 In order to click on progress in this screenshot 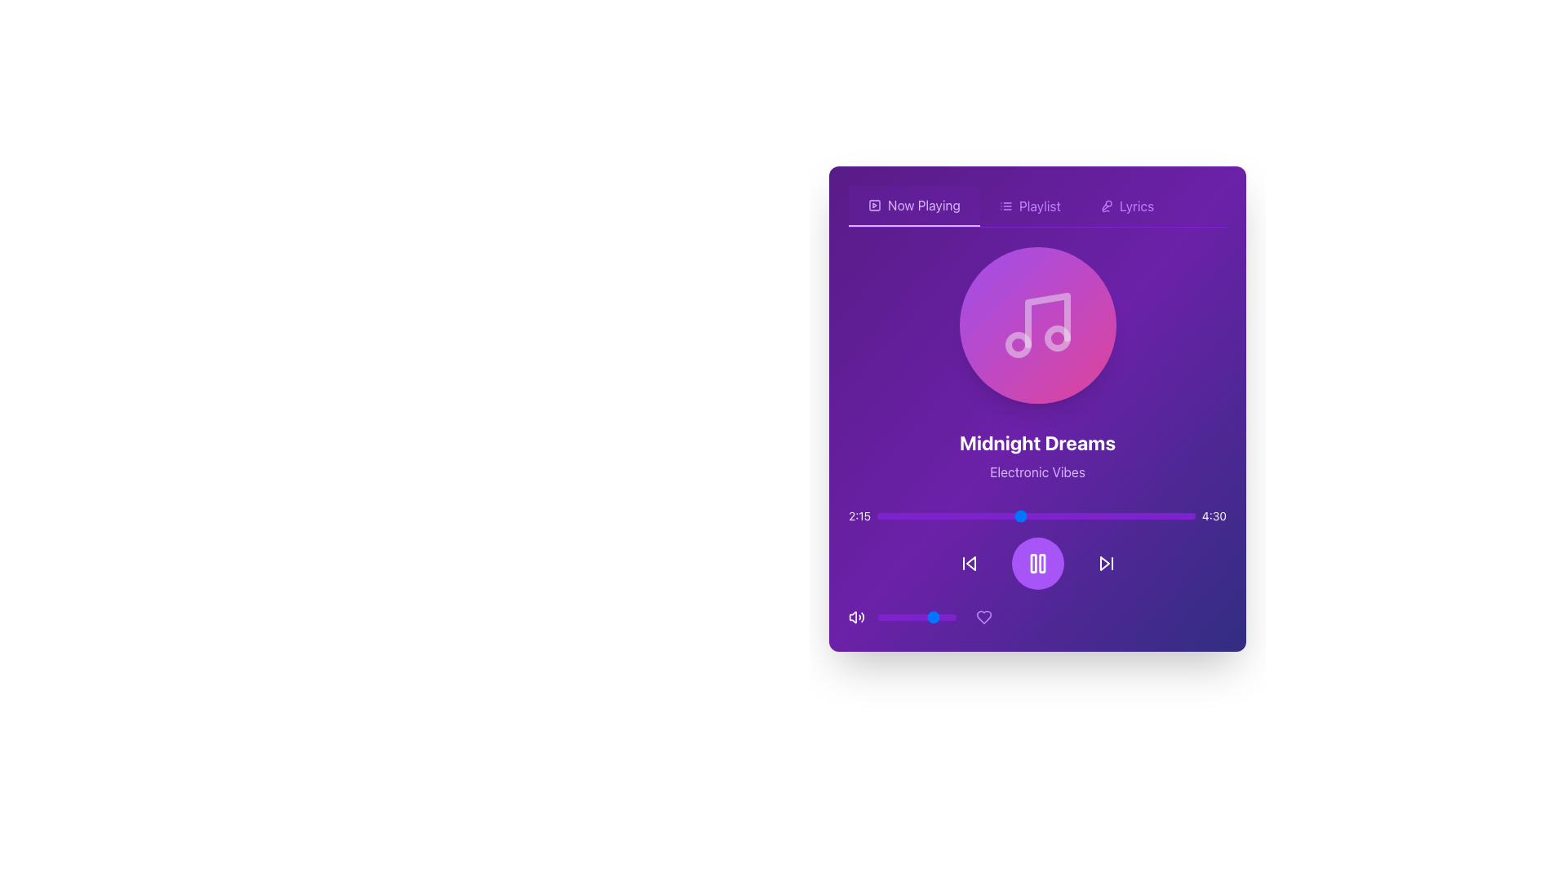, I will do `click(882, 516)`.